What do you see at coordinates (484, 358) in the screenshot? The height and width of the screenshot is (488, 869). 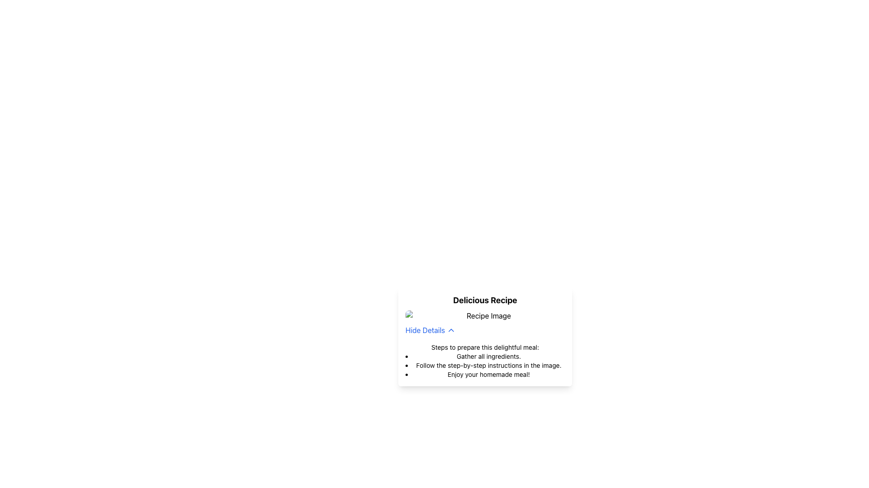 I see `the text within the vertically stacked text section containing step-by-step cooking instructions, which starts with the heading 'Steps to prepare this delightful meal:'` at bounding box center [484, 358].